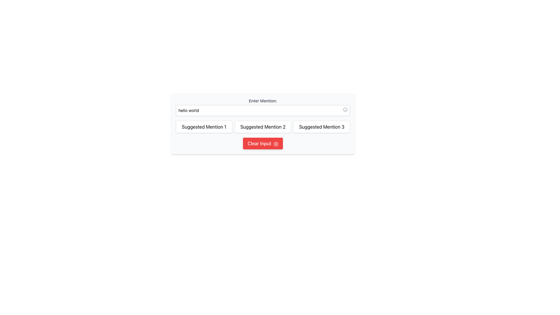 Image resolution: width=560 pixels, height=315 pixels. Describe the element at coordinates (262, 149) in the screenshot. I see `the 'Clear Input' button in the mention selection dialog box, which allows users to reset the input field` at that location.